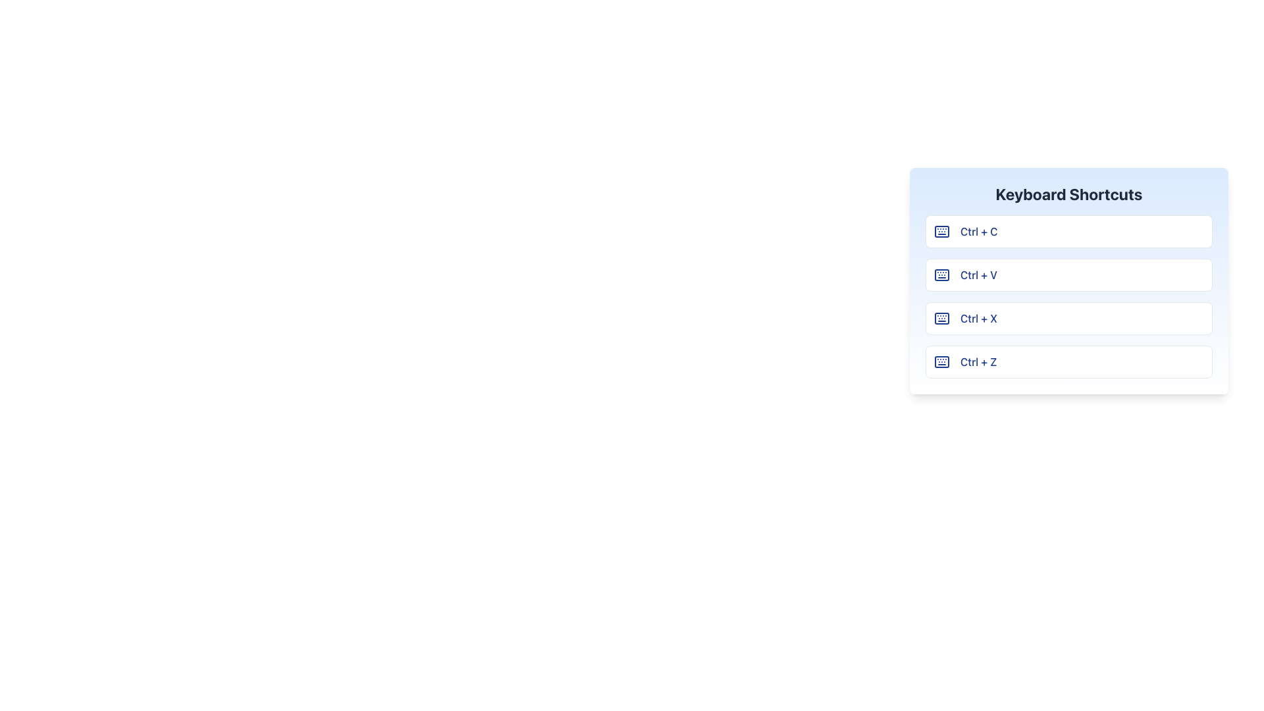 This screenshot has width=1264, height=711. What do you see at coordinates (941, 274) in the screenshot?
I see `the icon that signifies the keyboard shortcut 'Ctrl + V', located in the rectangular box labeled 'Ctrl + V'` at bounding box center [941, 274].